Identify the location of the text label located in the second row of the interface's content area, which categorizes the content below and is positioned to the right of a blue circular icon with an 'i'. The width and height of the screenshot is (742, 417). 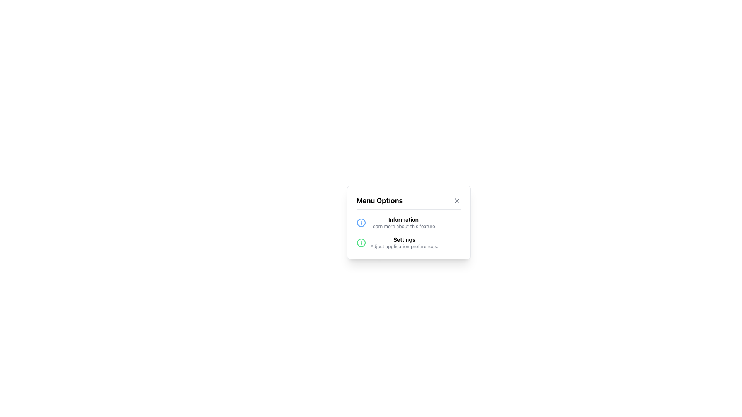
(403, 219).